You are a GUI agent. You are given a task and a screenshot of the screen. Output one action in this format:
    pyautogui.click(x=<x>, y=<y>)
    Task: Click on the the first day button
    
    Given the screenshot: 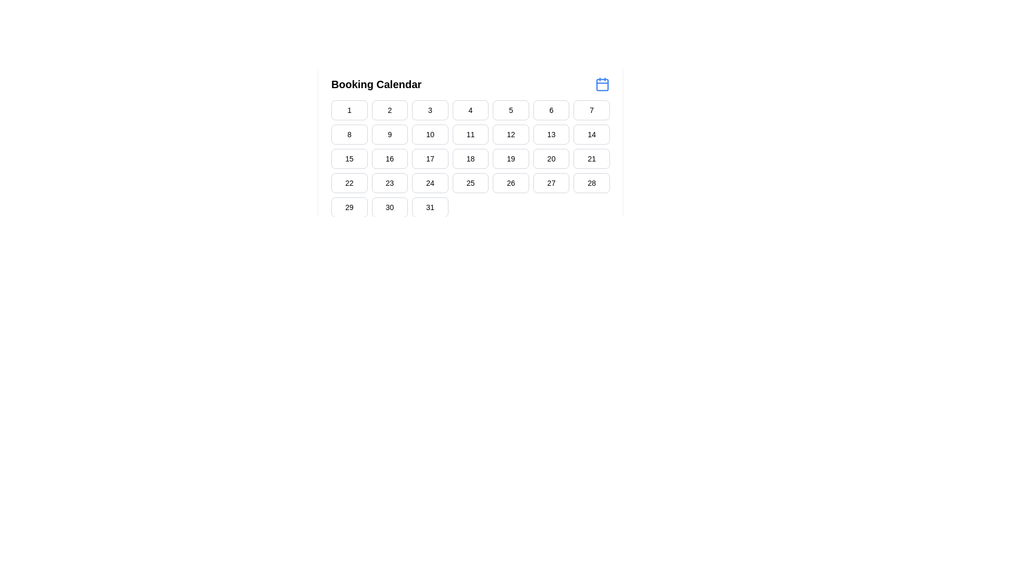 What is the action you would take?
    pyautogui.click(x=349, y=110)
    